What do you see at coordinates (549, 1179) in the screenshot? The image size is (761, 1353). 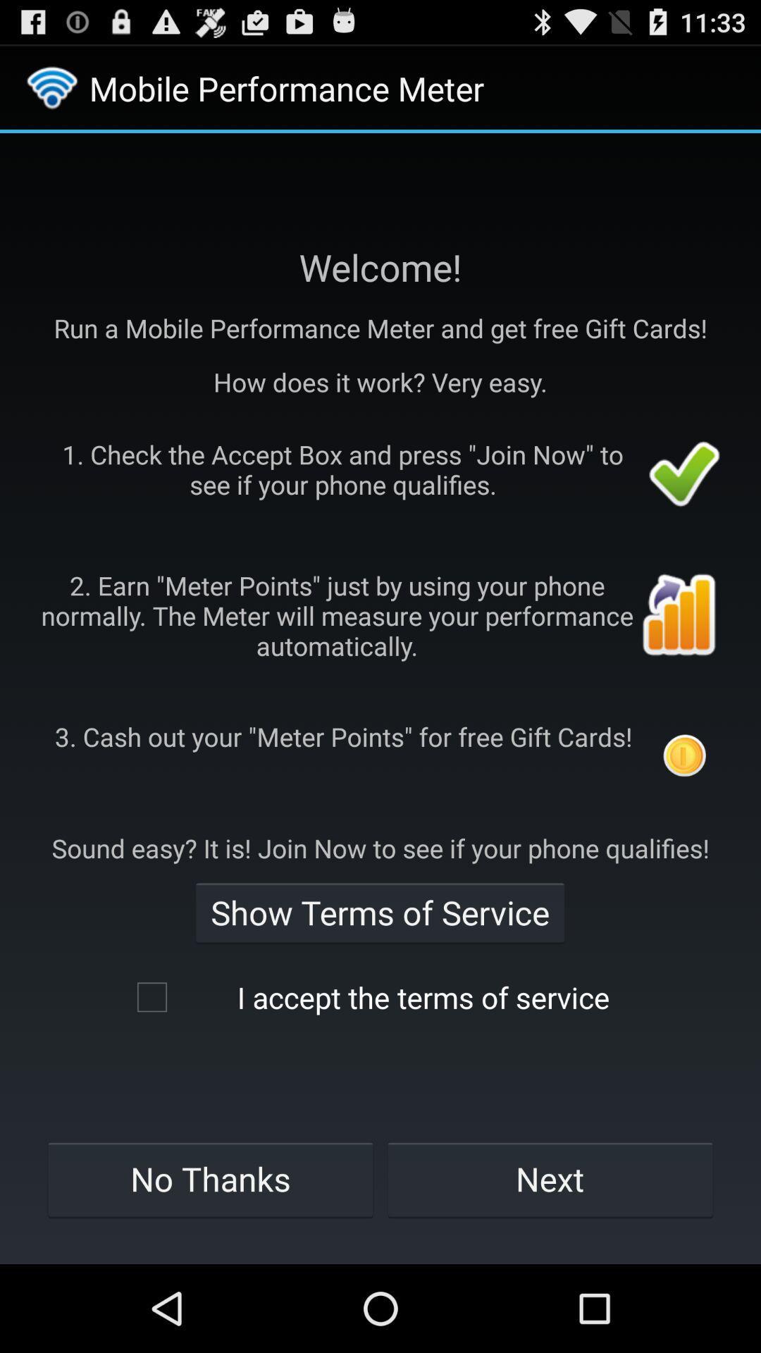 I see `next` at bounding box center [549, 1179].